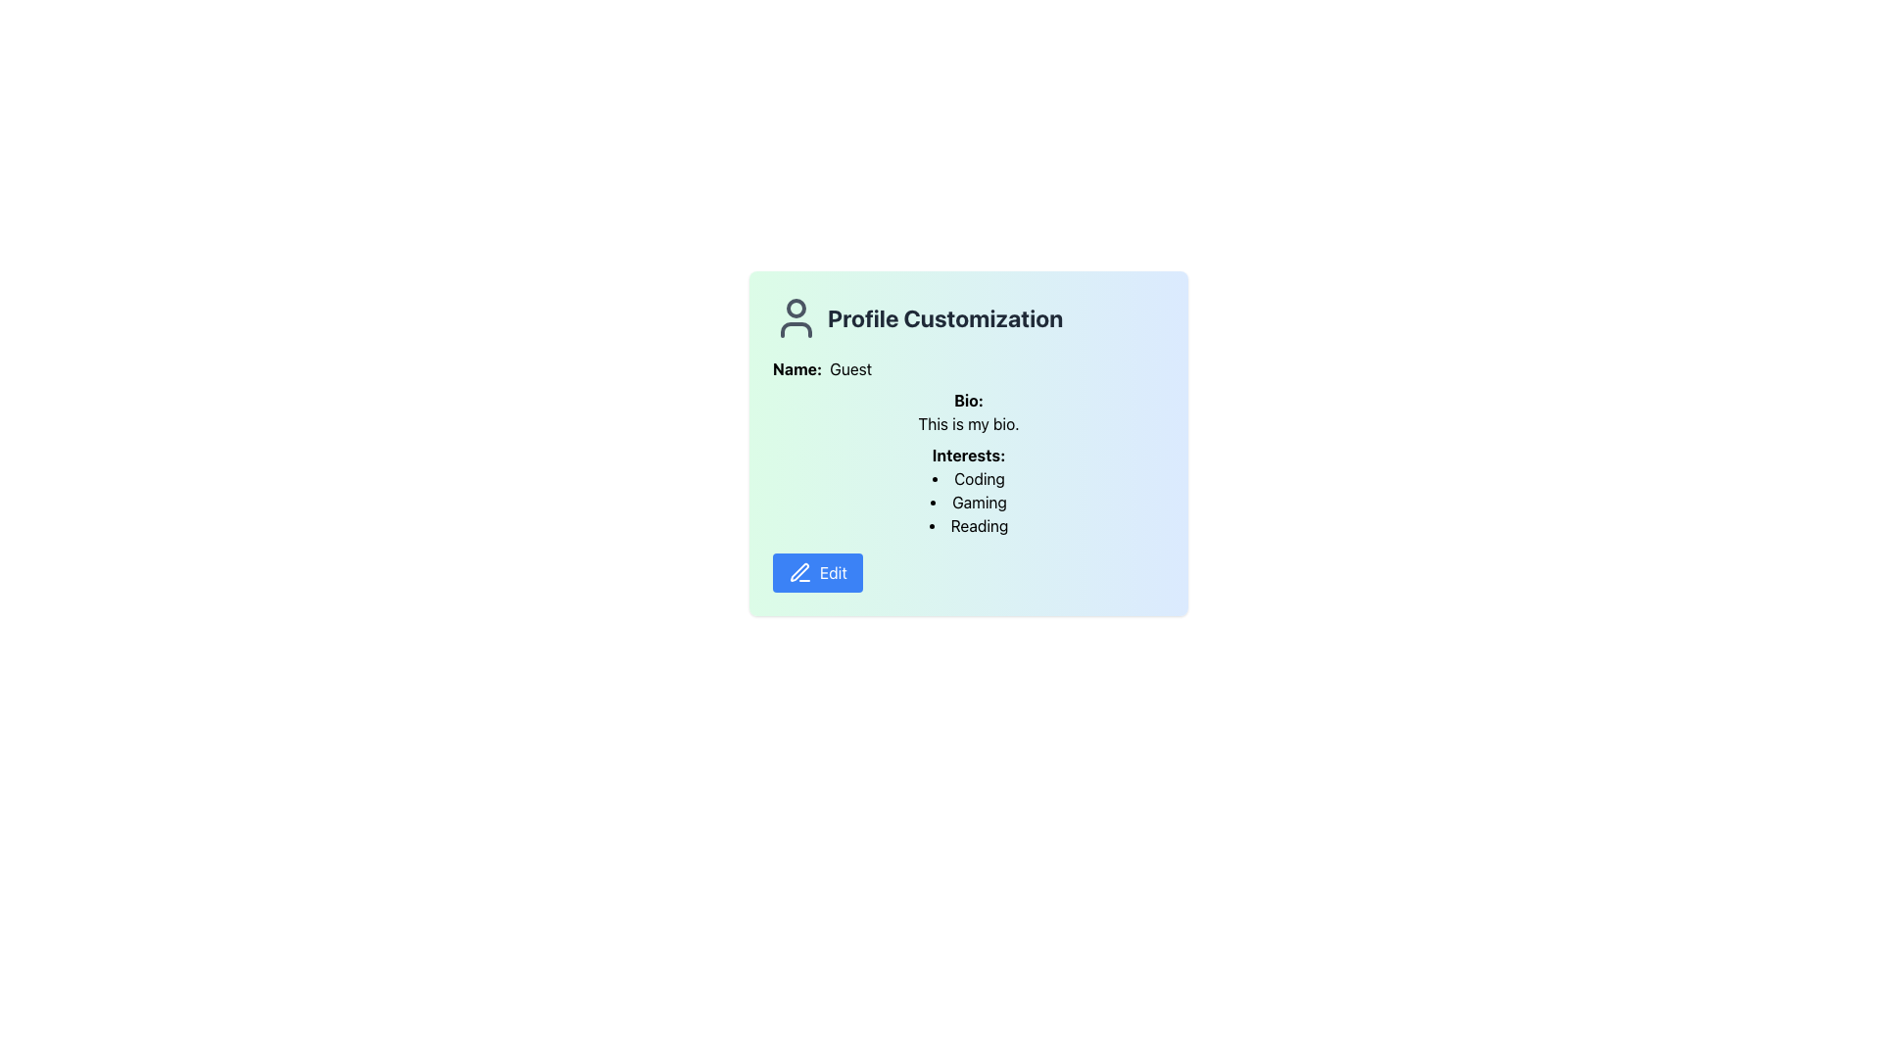  What do you see at coordinates (968, 422) in the screenshot?
I see `biography text displayed in the read-only text element located beneath the 'Bio:' label in the Profile Customization section` at bounding box center [968, 422].